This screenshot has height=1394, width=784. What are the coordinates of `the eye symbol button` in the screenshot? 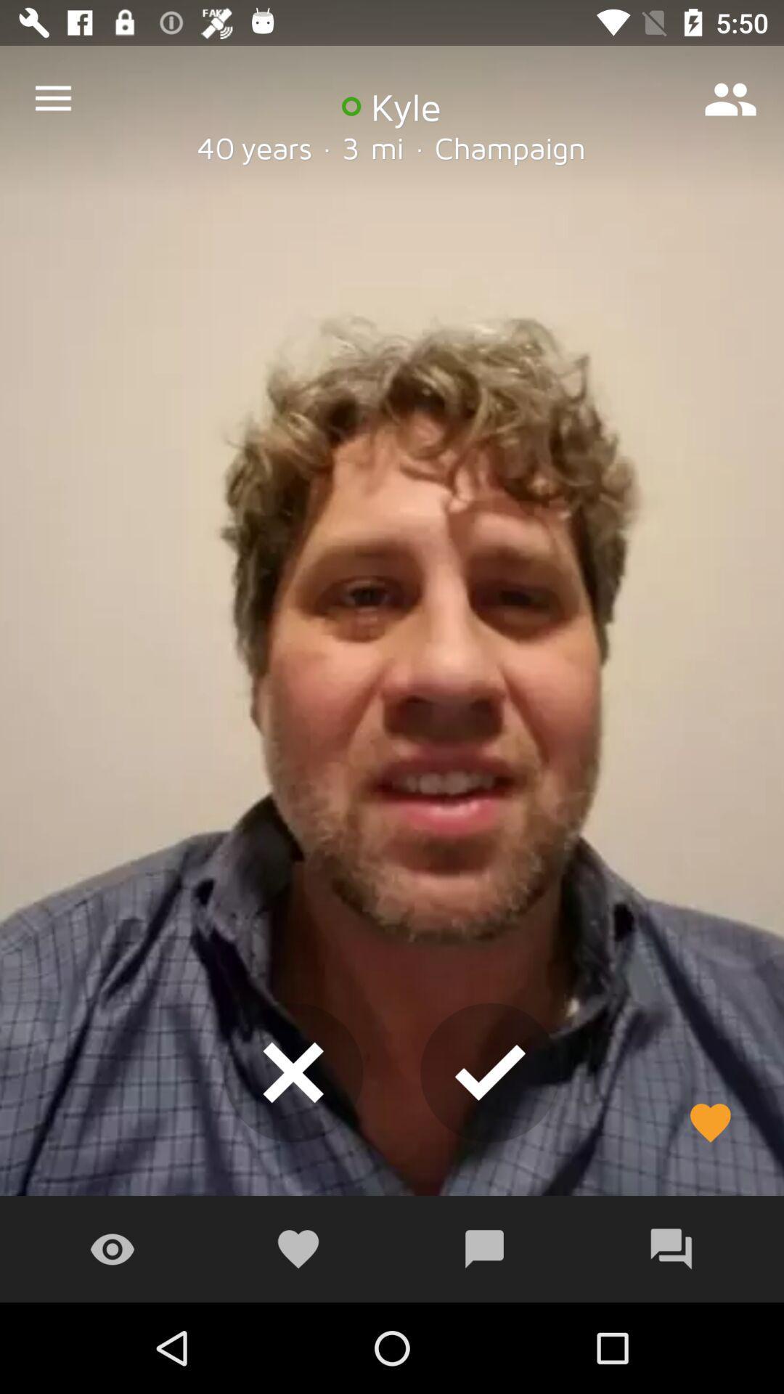 It's located at (111, 1249).